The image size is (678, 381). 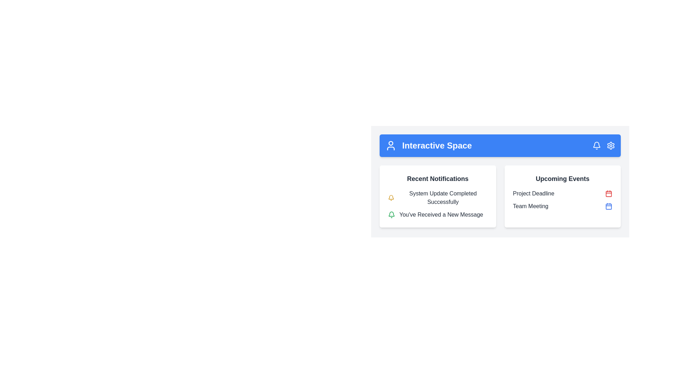 I want to click on the green bell icon located to the left of the text 'You've Received a New Message', so click(x=391, y=214).